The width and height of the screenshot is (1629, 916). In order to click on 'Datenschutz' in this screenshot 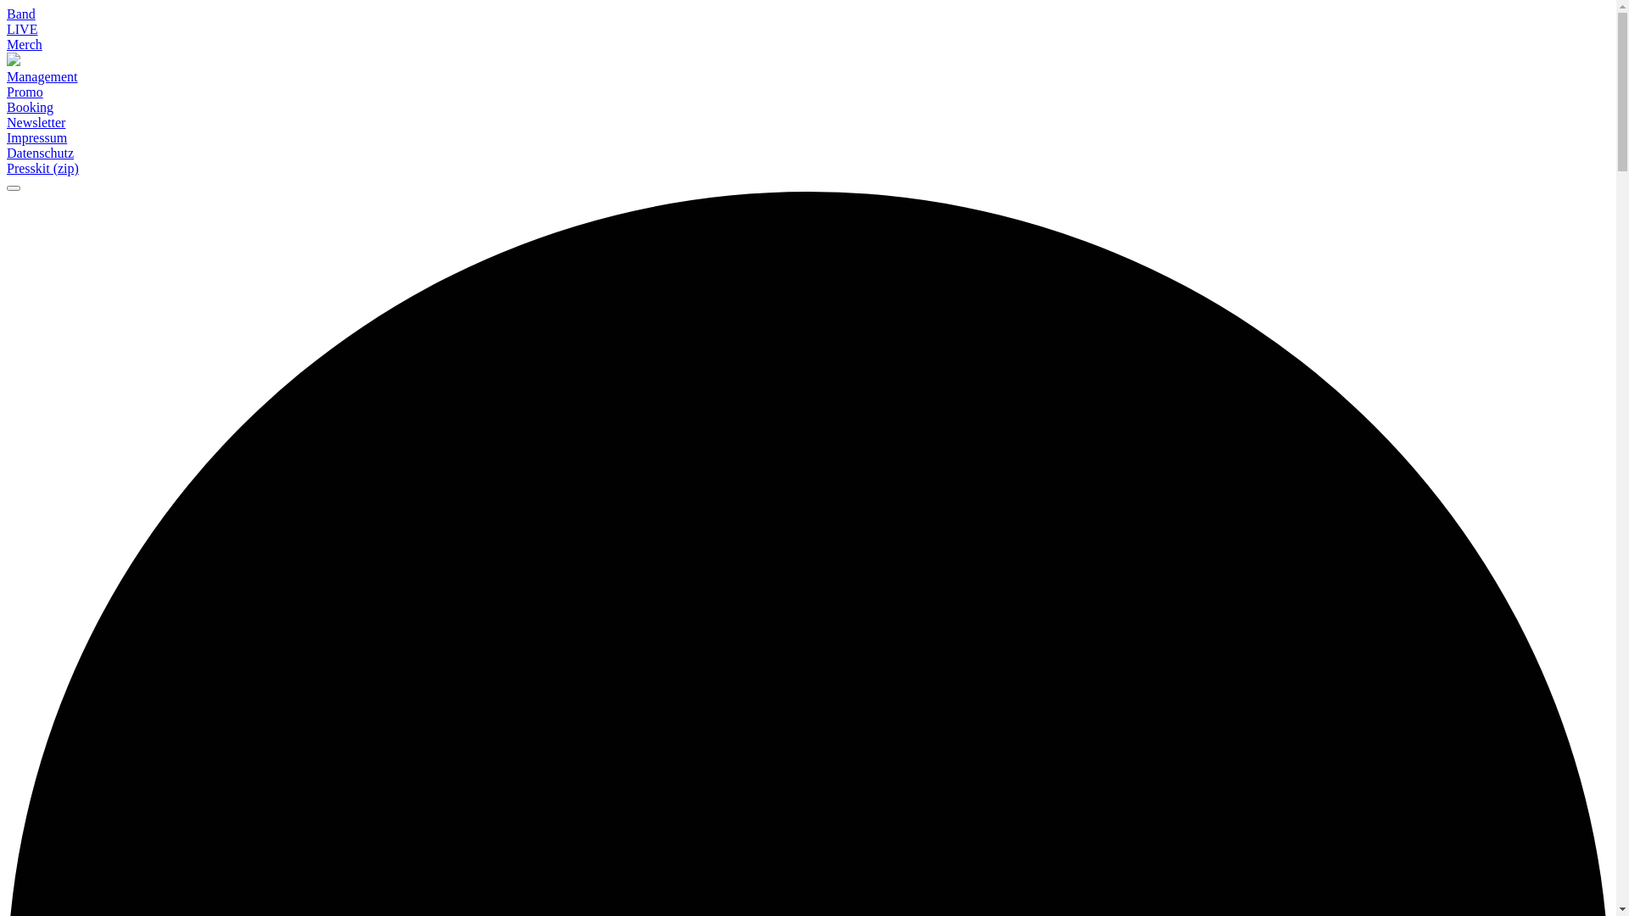, I will do `click(40, 153)`.